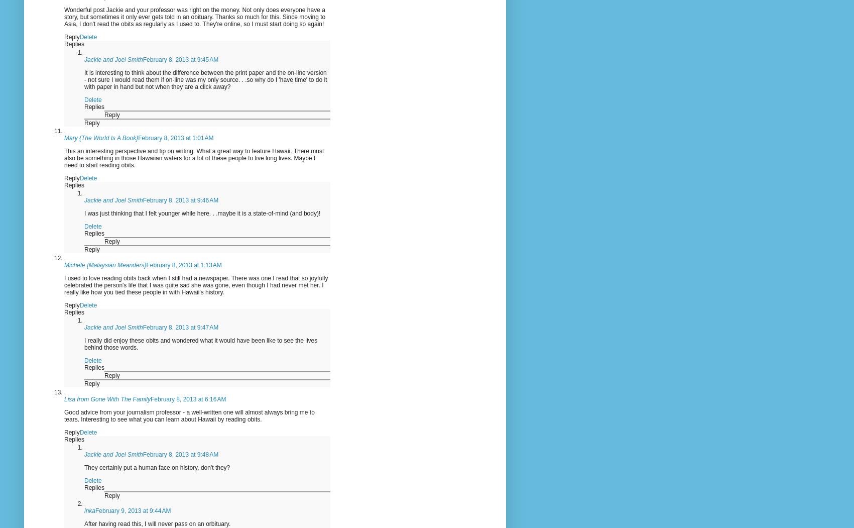  I want to click on 'February 9, 2013 at 9:44 AM', so click(133, 510).